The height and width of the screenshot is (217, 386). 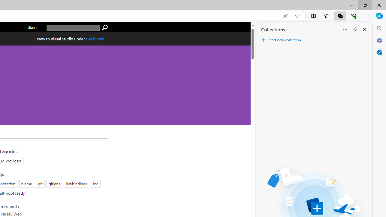 I want to click on 'Unpin Collections', so click(x=355, y=30).